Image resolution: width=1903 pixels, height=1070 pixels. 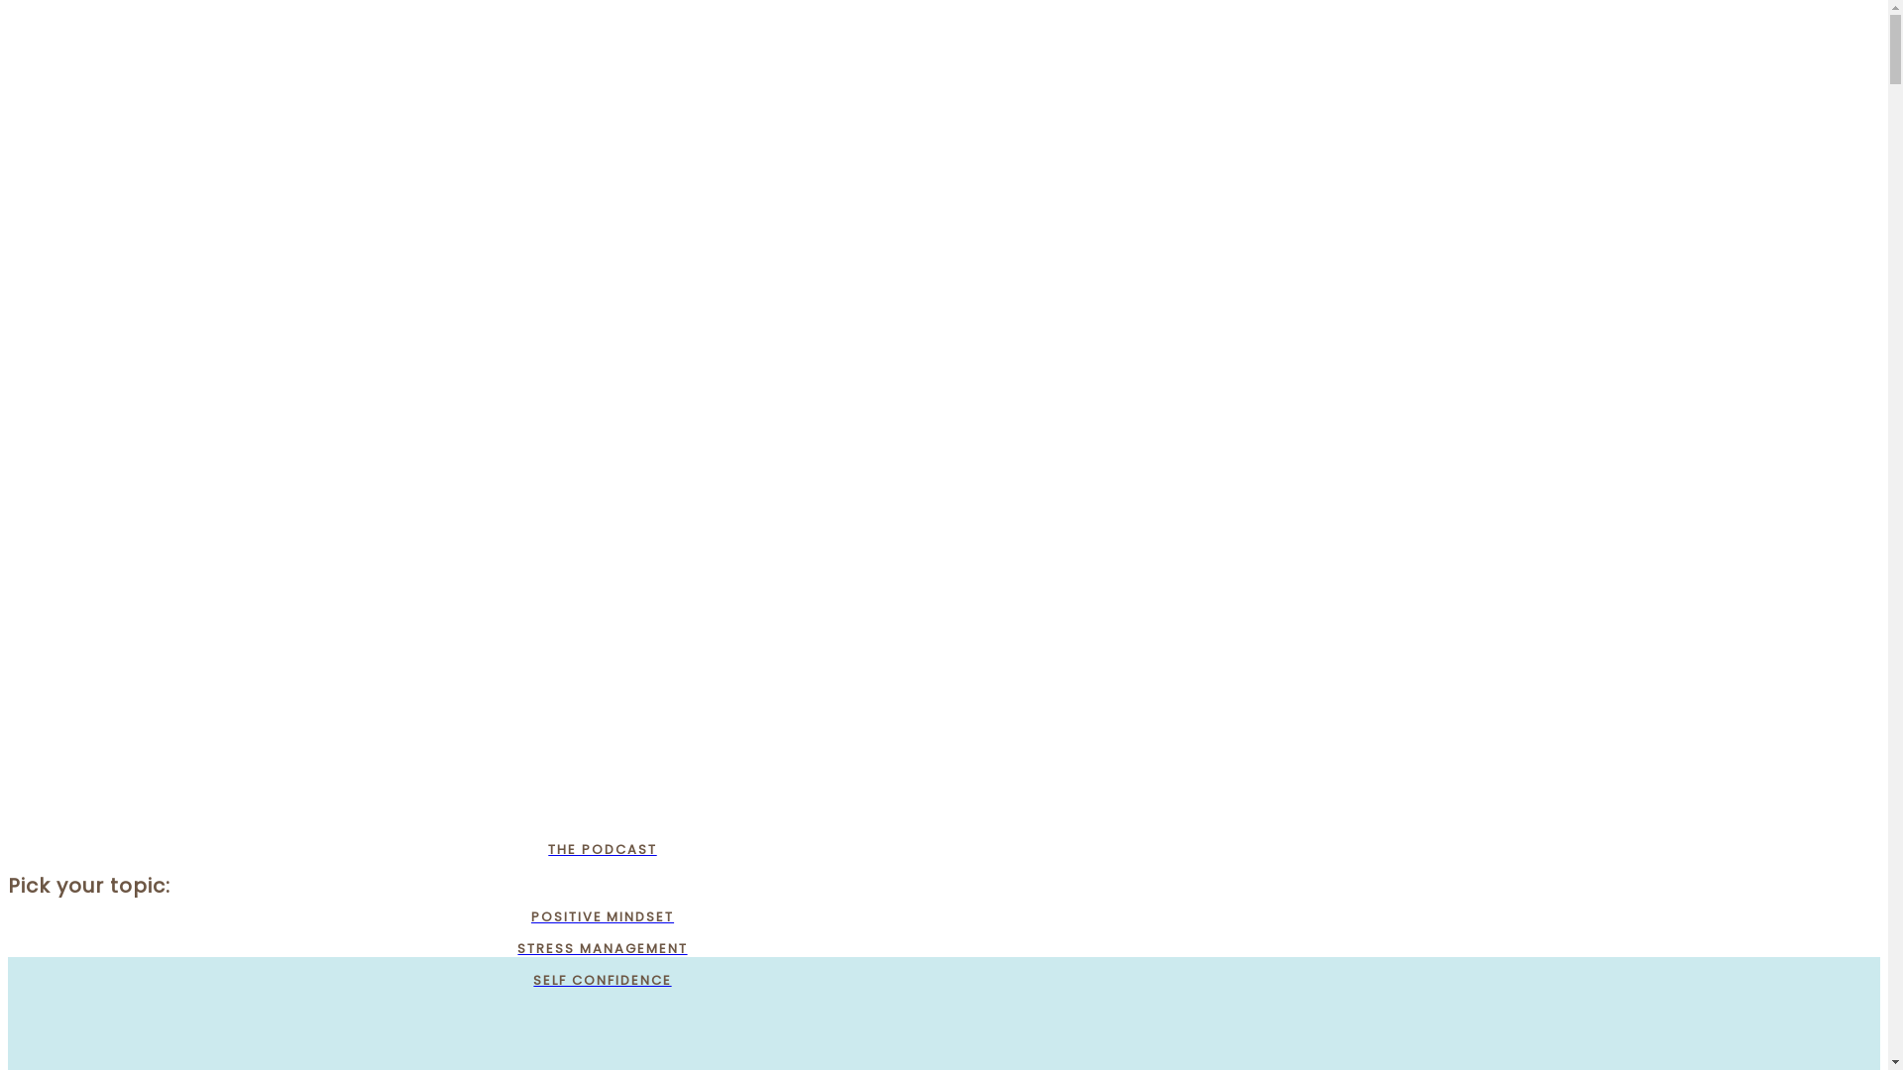 What do you see at coordinates (602, 916) in the screenshot?
I see `'POSITIVE MINDSET'` at bounding box center [602, 916].